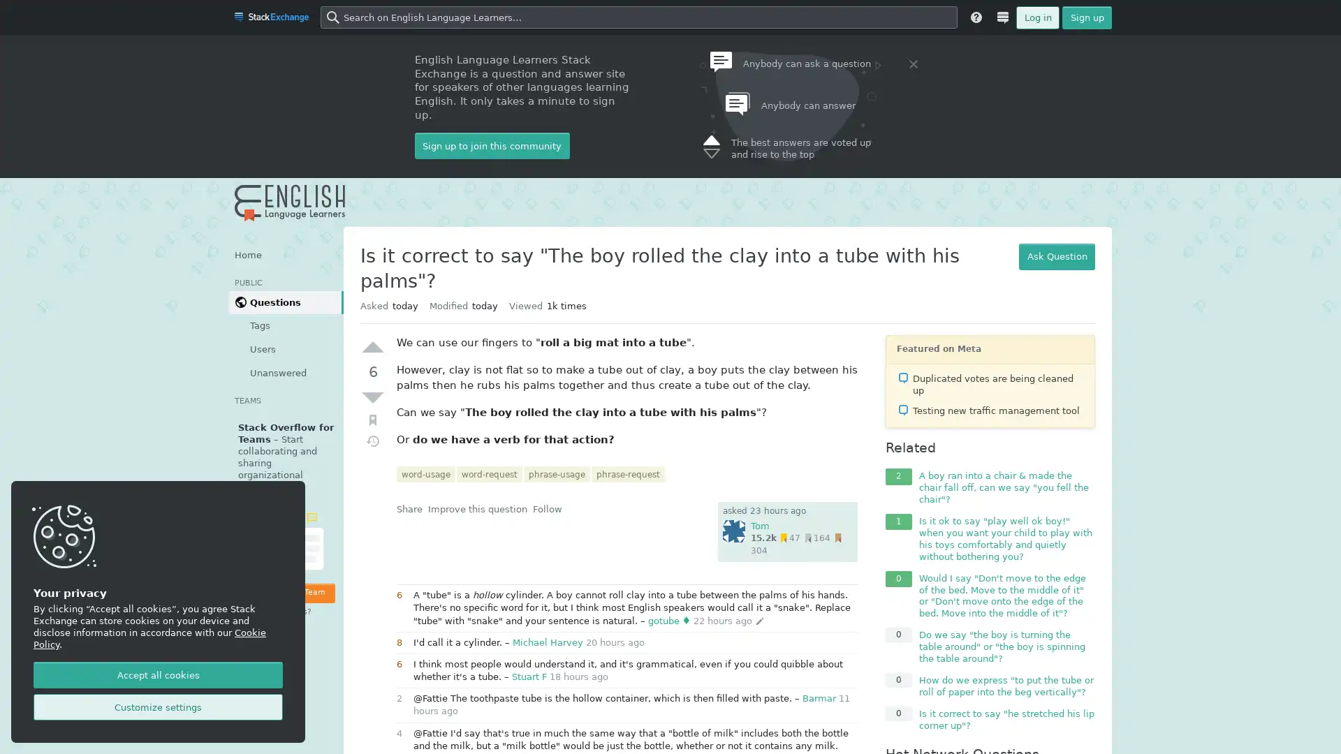 This screenshot has height=754, width=1341. Describe the element at coordinates (372, 397) in the screenshot. I see `Down vote` at that location.